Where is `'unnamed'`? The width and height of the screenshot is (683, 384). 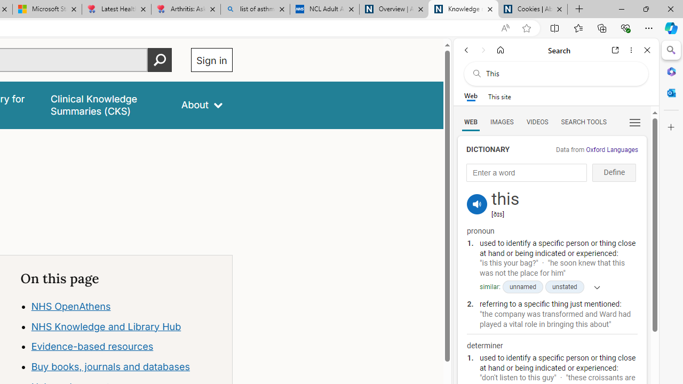 'unnamed' is located at coordinates (522, 286).